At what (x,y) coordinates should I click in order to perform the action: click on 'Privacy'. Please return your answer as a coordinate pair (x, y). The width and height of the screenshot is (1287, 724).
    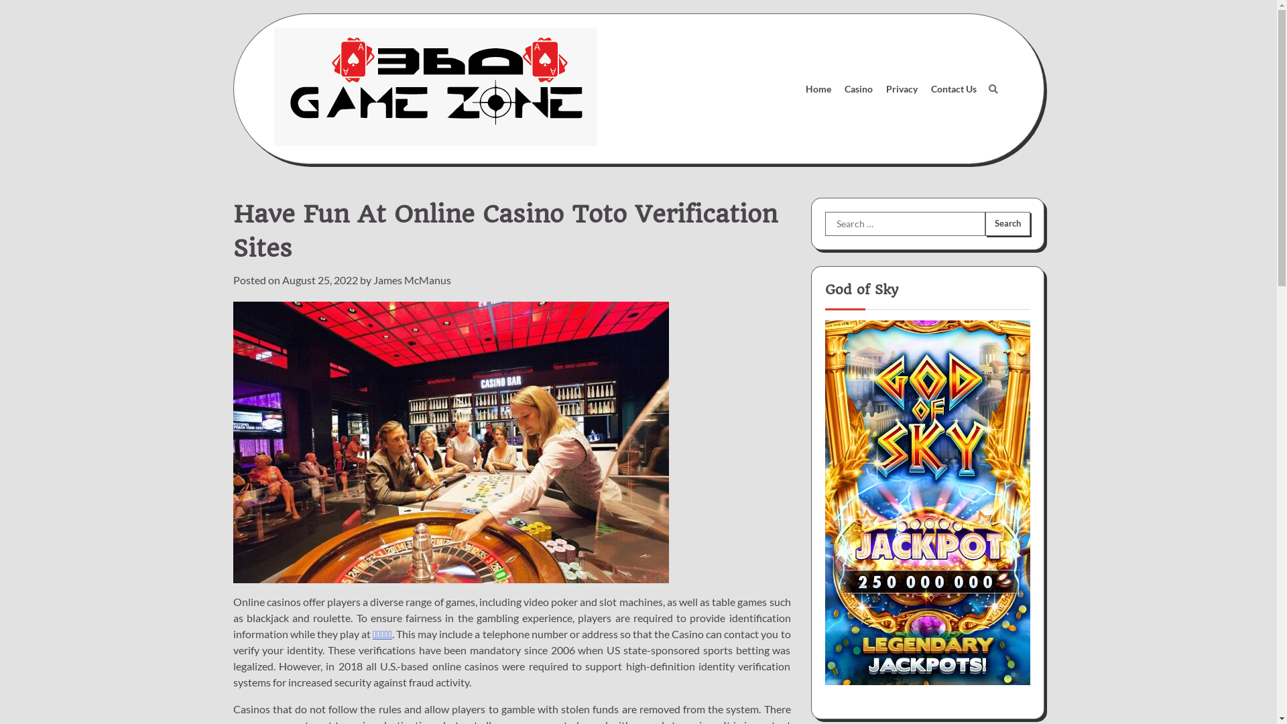
    Looking at the image, I should click on (879, 88).